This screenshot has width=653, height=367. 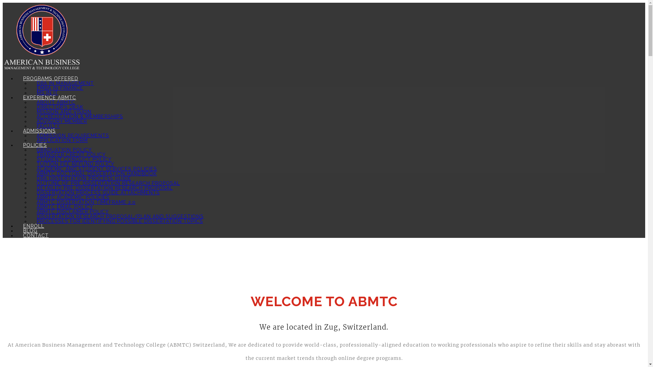 I want to click on 'GRADUATION POLICY', so click(x=64, y=149).